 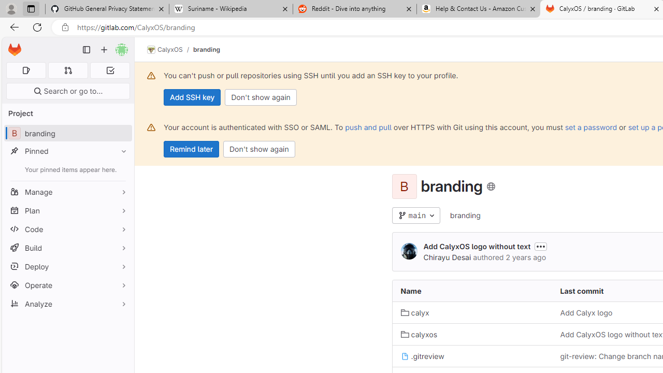 What do you see at coordinates (87, 50) in the screenshot?
I see `'Primary navigation sidebar'` at bounding box center [87, 50].